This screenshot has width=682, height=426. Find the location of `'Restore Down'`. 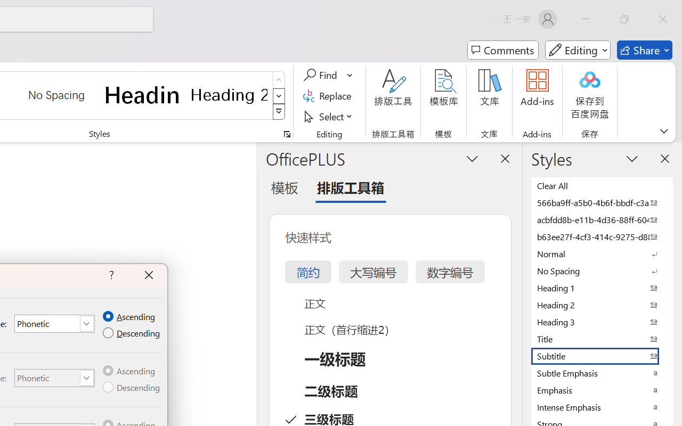

'Restore Down' is located at coordinates (624, 19).